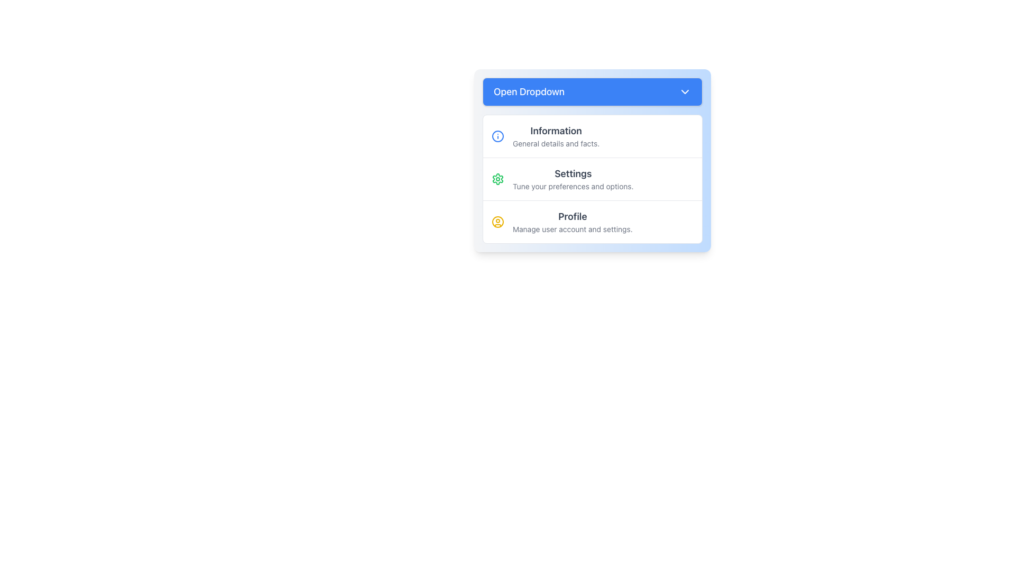 Image resolution: width=1015 pixels, height=571 pixels. What do you see at coordinates (593, 179) in the screenshot?
I see `the second list item in the dropdown menu labeled 'Settings', which features a green gear icon and descriptive text` at bounding box center [593, 179].